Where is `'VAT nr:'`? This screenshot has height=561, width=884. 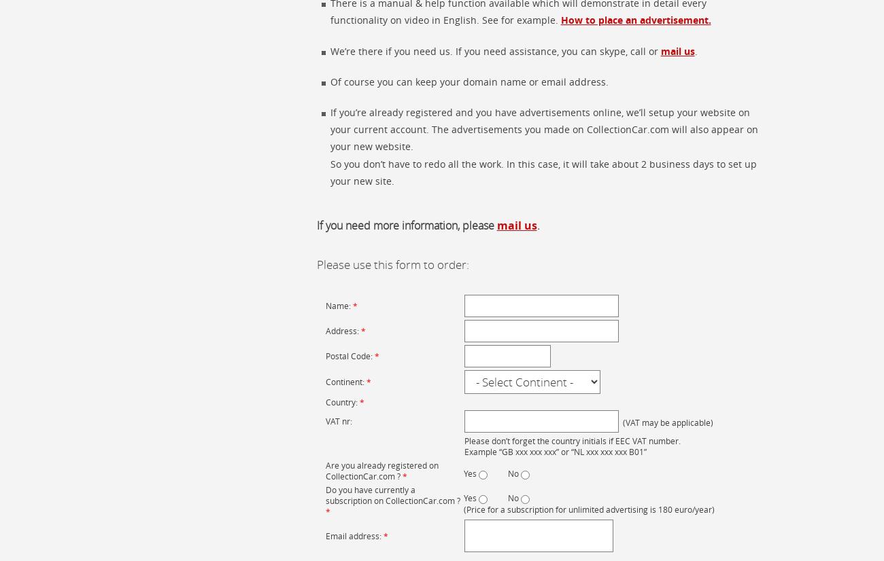
'VAT nr:' is located at coordinates (338, 420).